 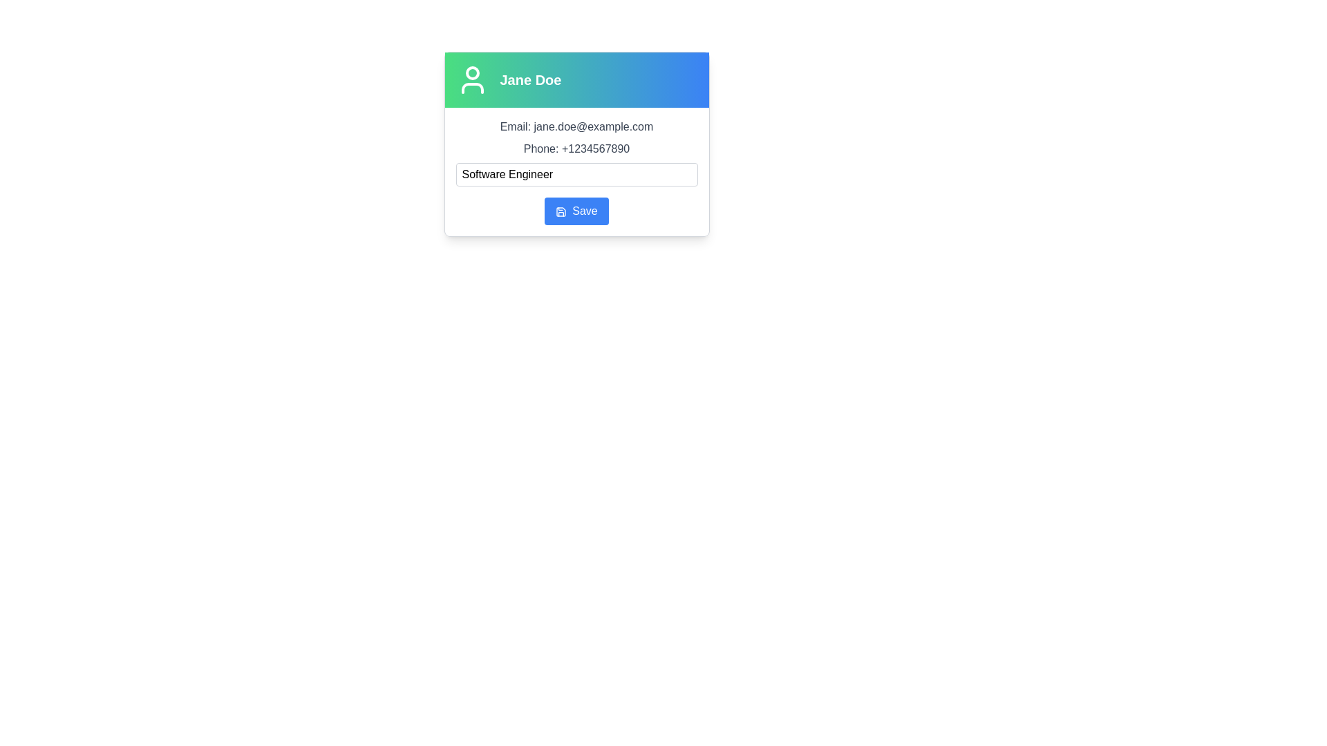 I want to click on the rectangular button with a blue background and rounded edges labeled 'Save', so click(x=576, y=211).